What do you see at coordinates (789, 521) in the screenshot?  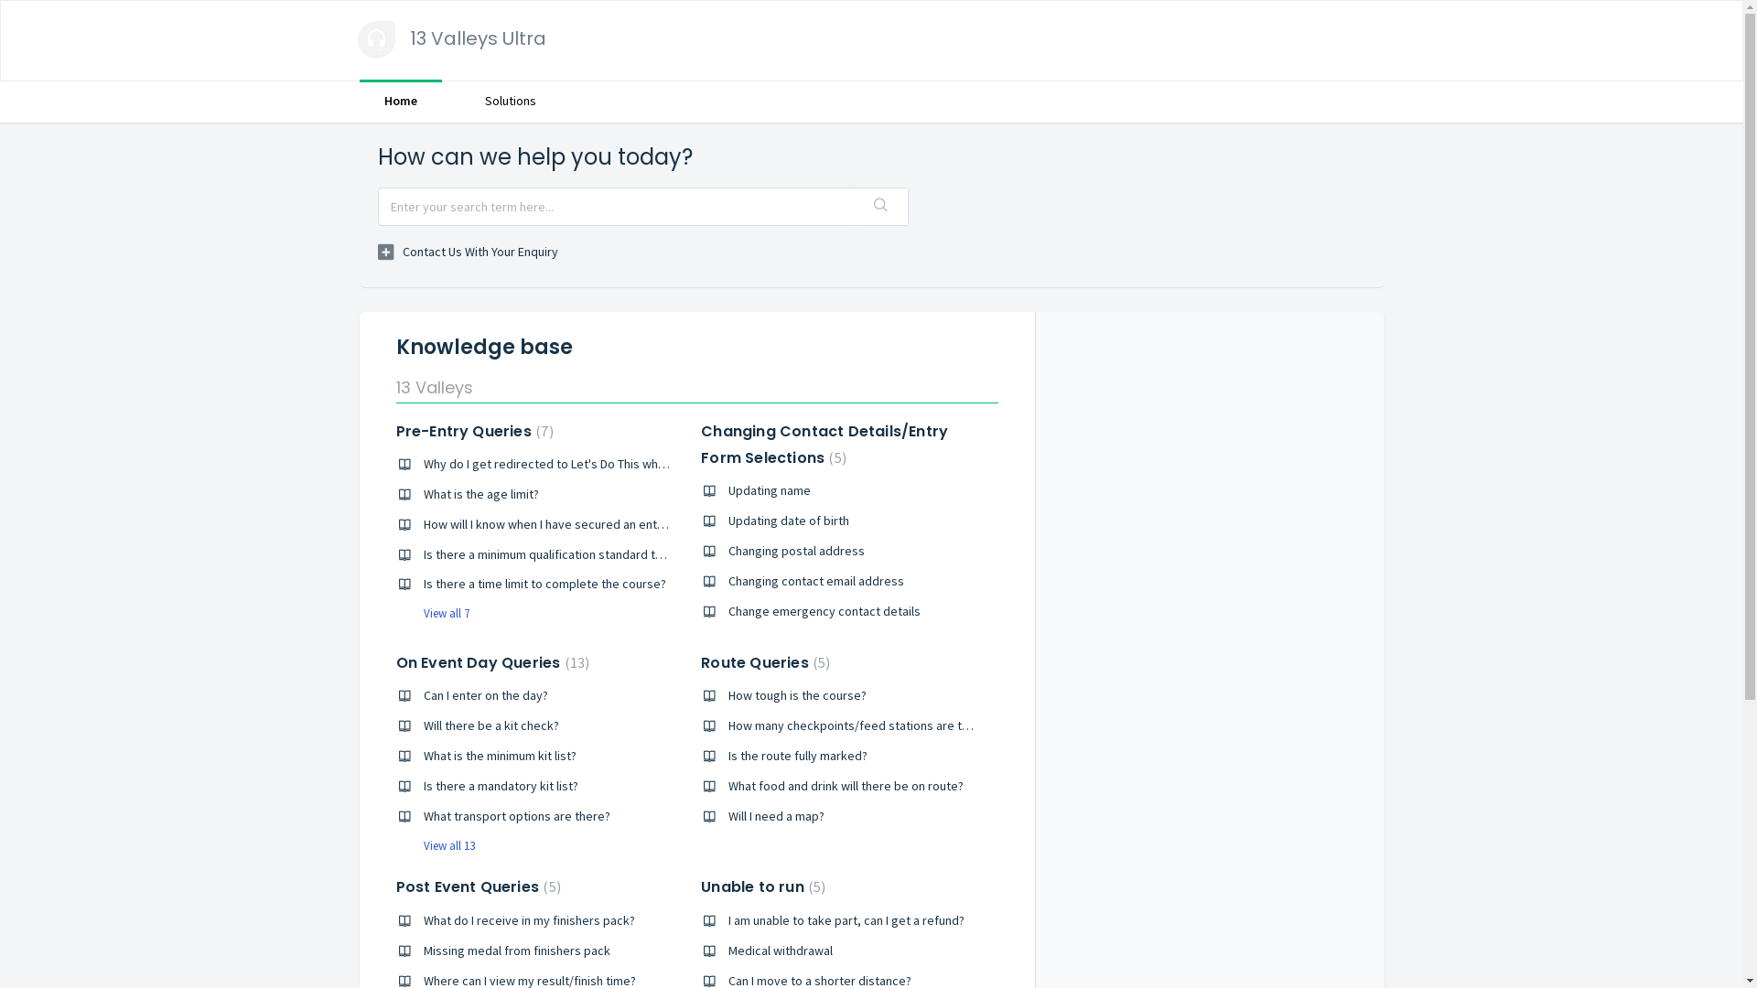 I see `'Updating date of birth'` at bounding box center [789, 521].